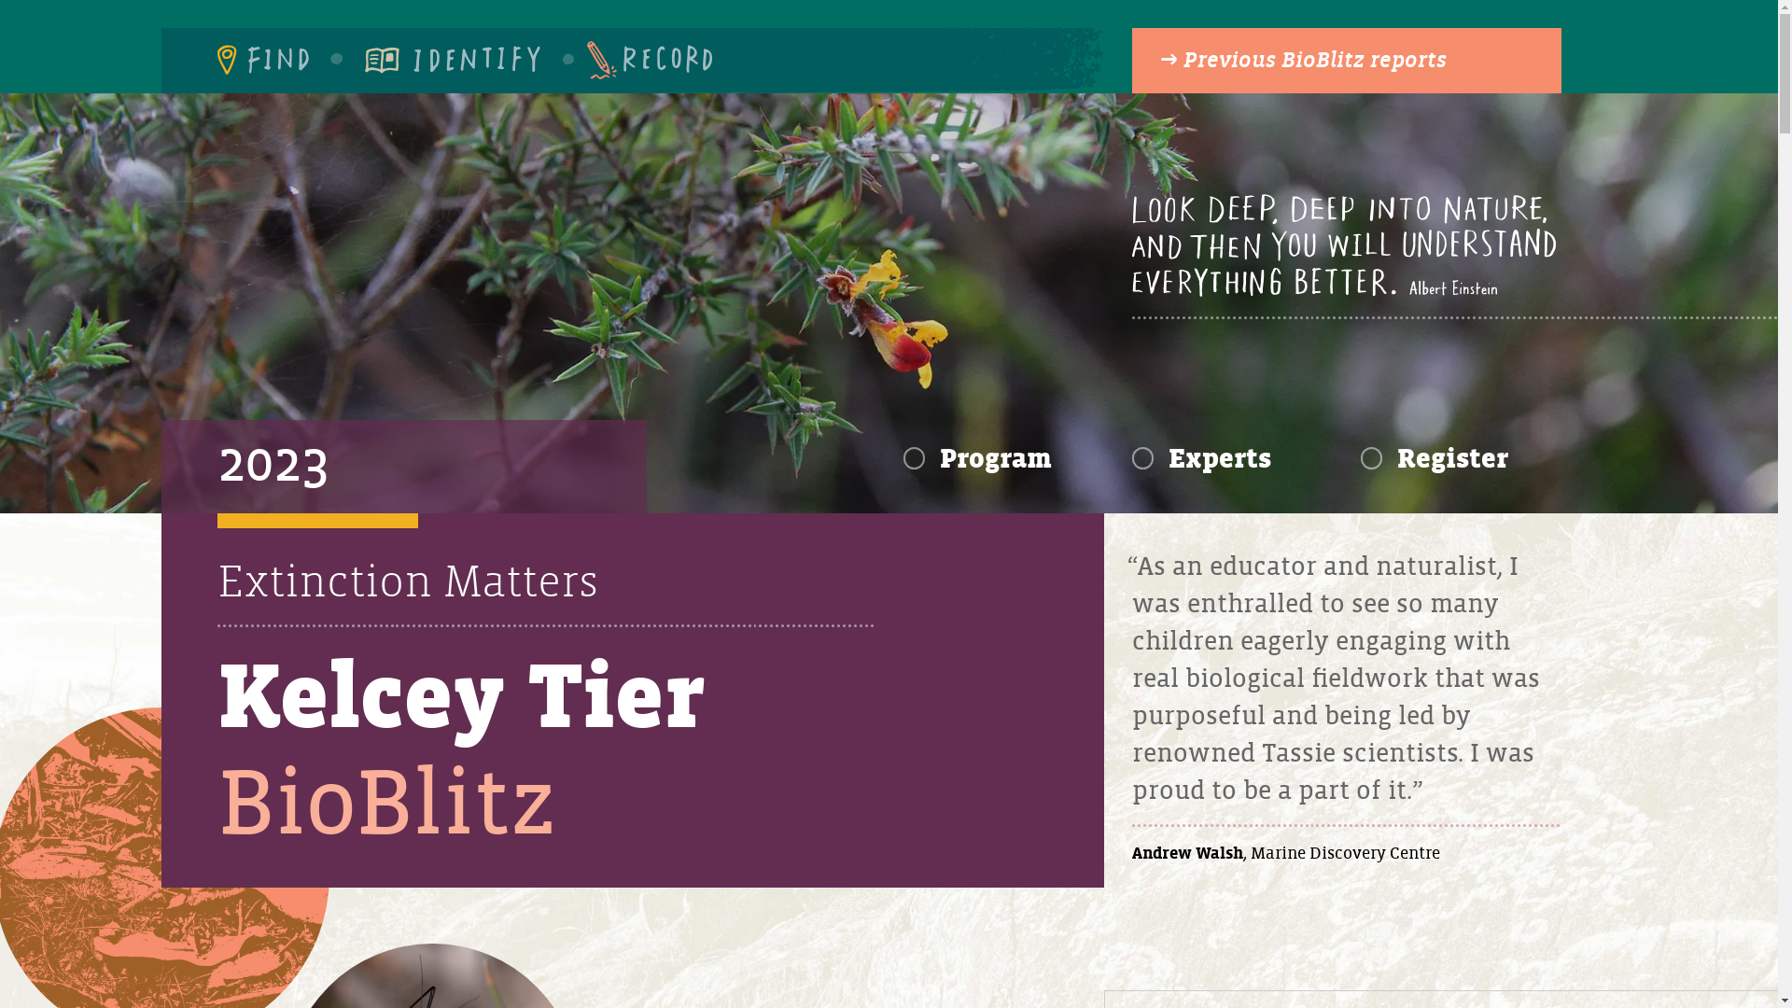 Image resolution: width=1792 pixels, height=1008 pixels. What do you see at coordinates (1434, 459) in the screenshot?
I see `'Register'` at bounding box center [1434, 459].